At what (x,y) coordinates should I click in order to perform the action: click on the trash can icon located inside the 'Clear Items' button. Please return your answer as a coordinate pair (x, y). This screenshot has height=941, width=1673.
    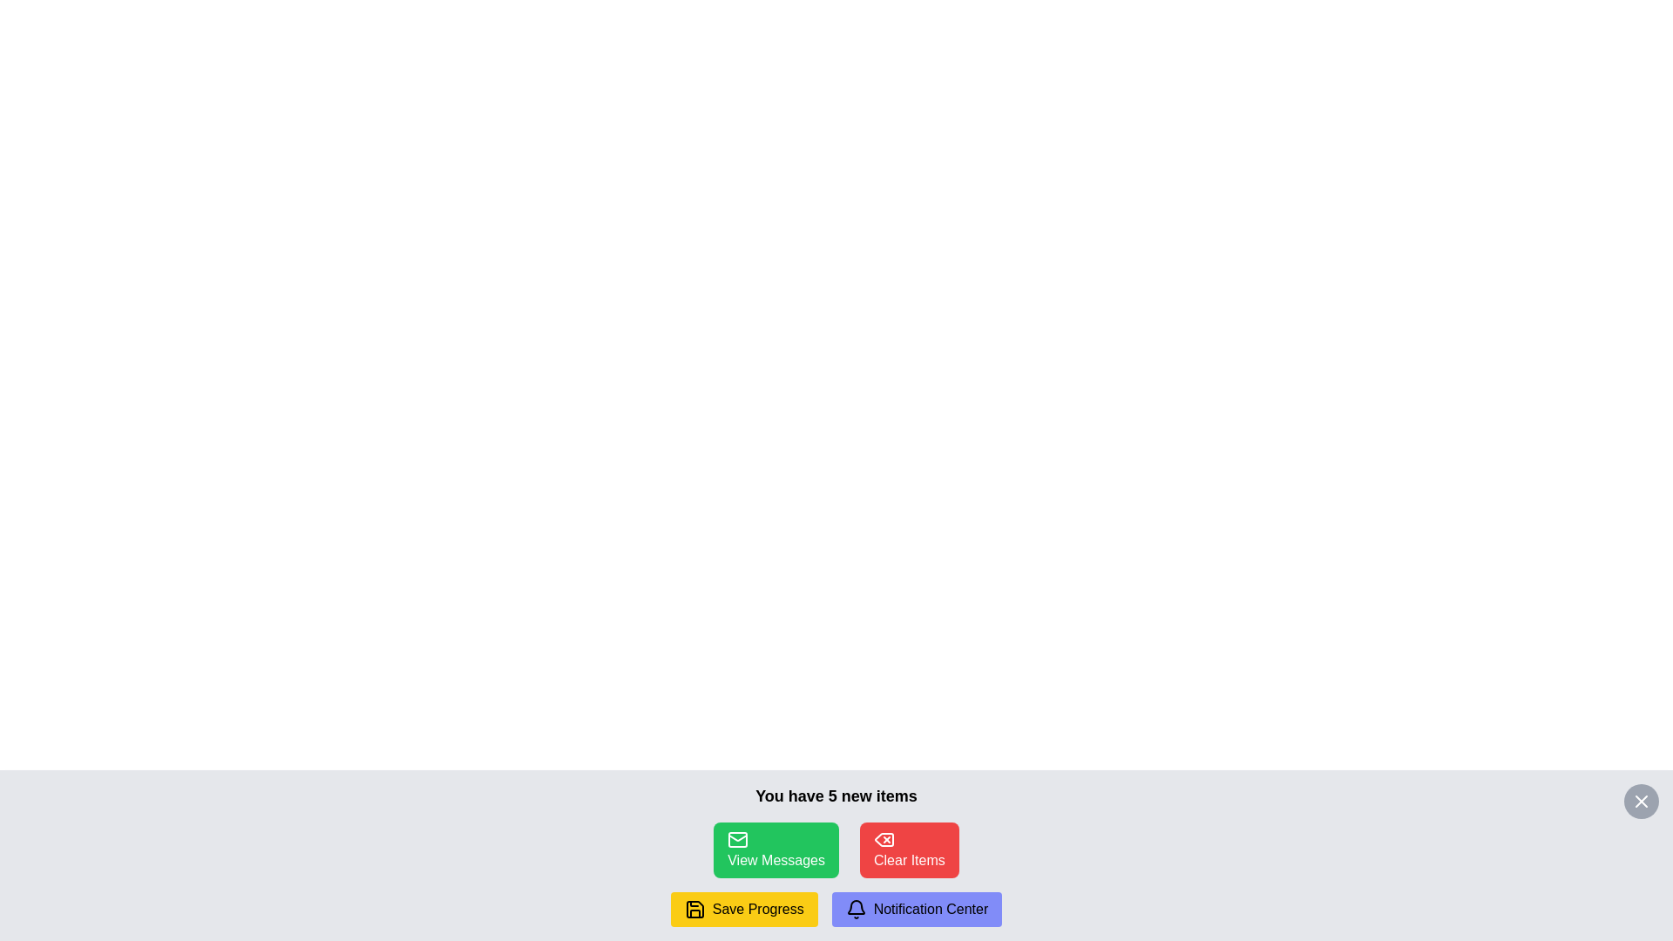
    Looking at the image, I should click on (884, 839).